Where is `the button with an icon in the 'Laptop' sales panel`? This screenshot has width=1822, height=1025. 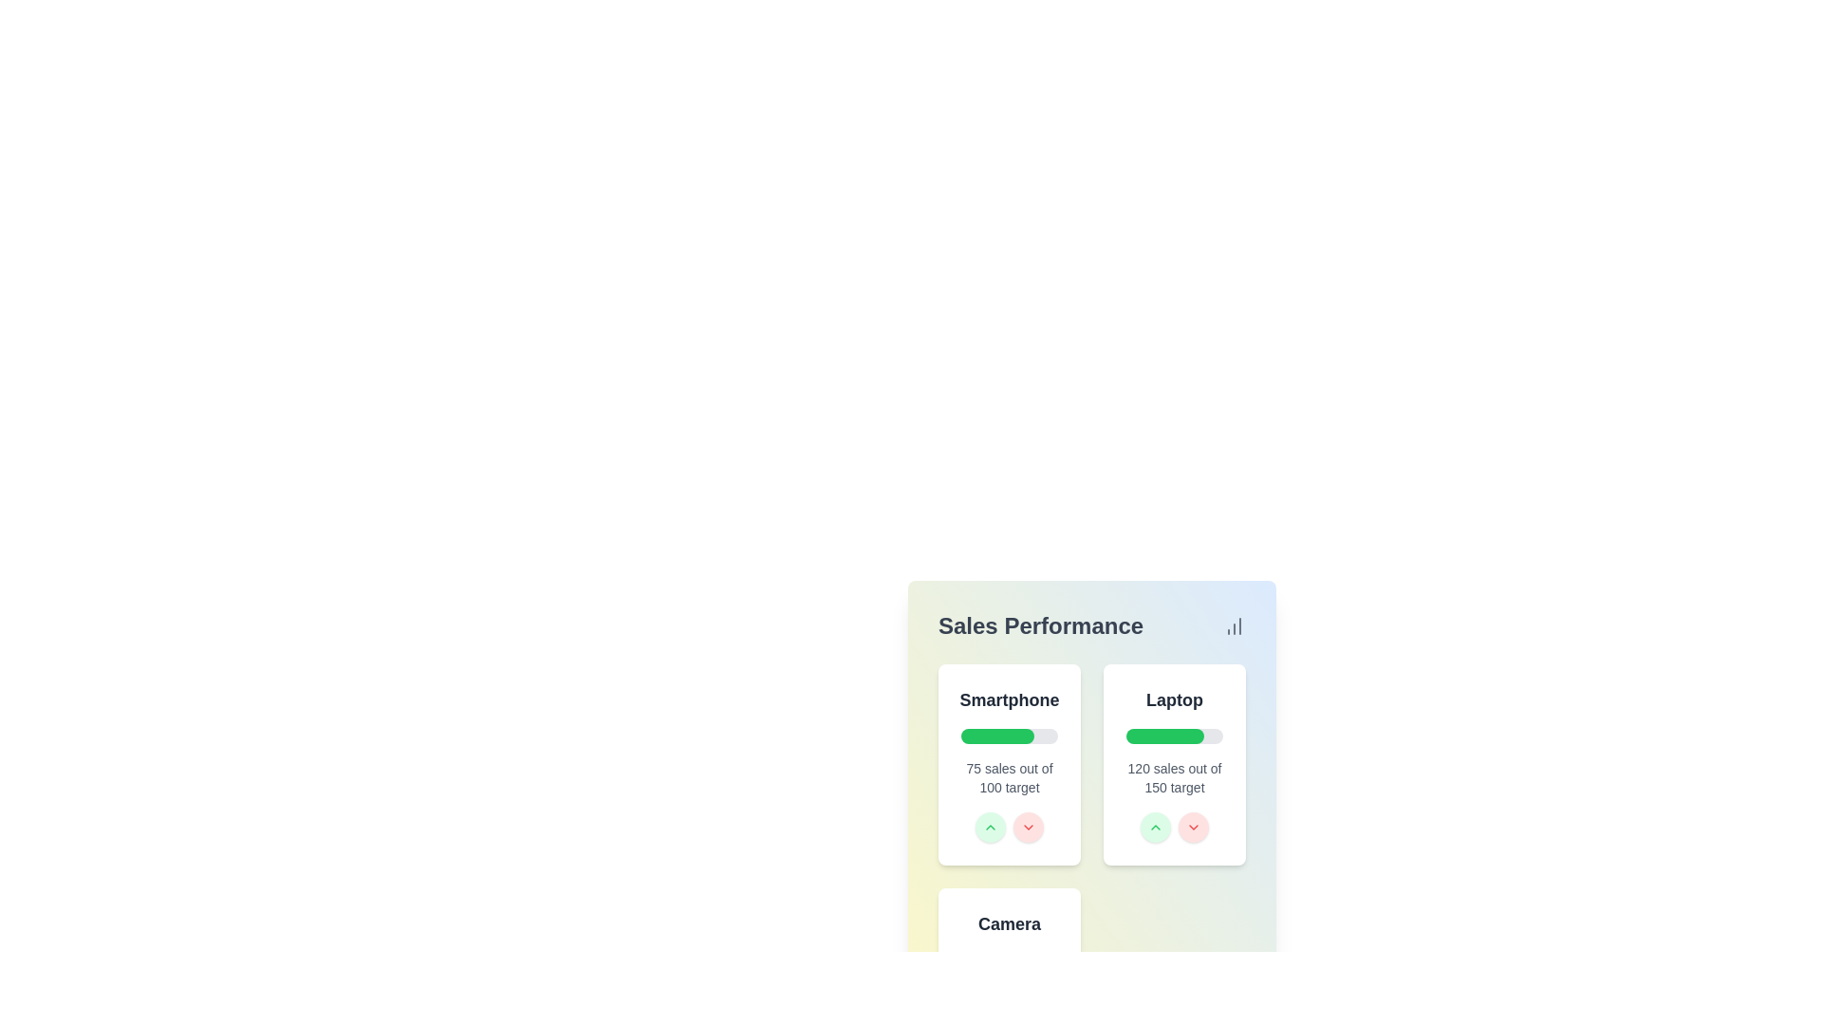
the button with an icon in the 'Laptop' sales panel is located at coordinates (1155, 826).